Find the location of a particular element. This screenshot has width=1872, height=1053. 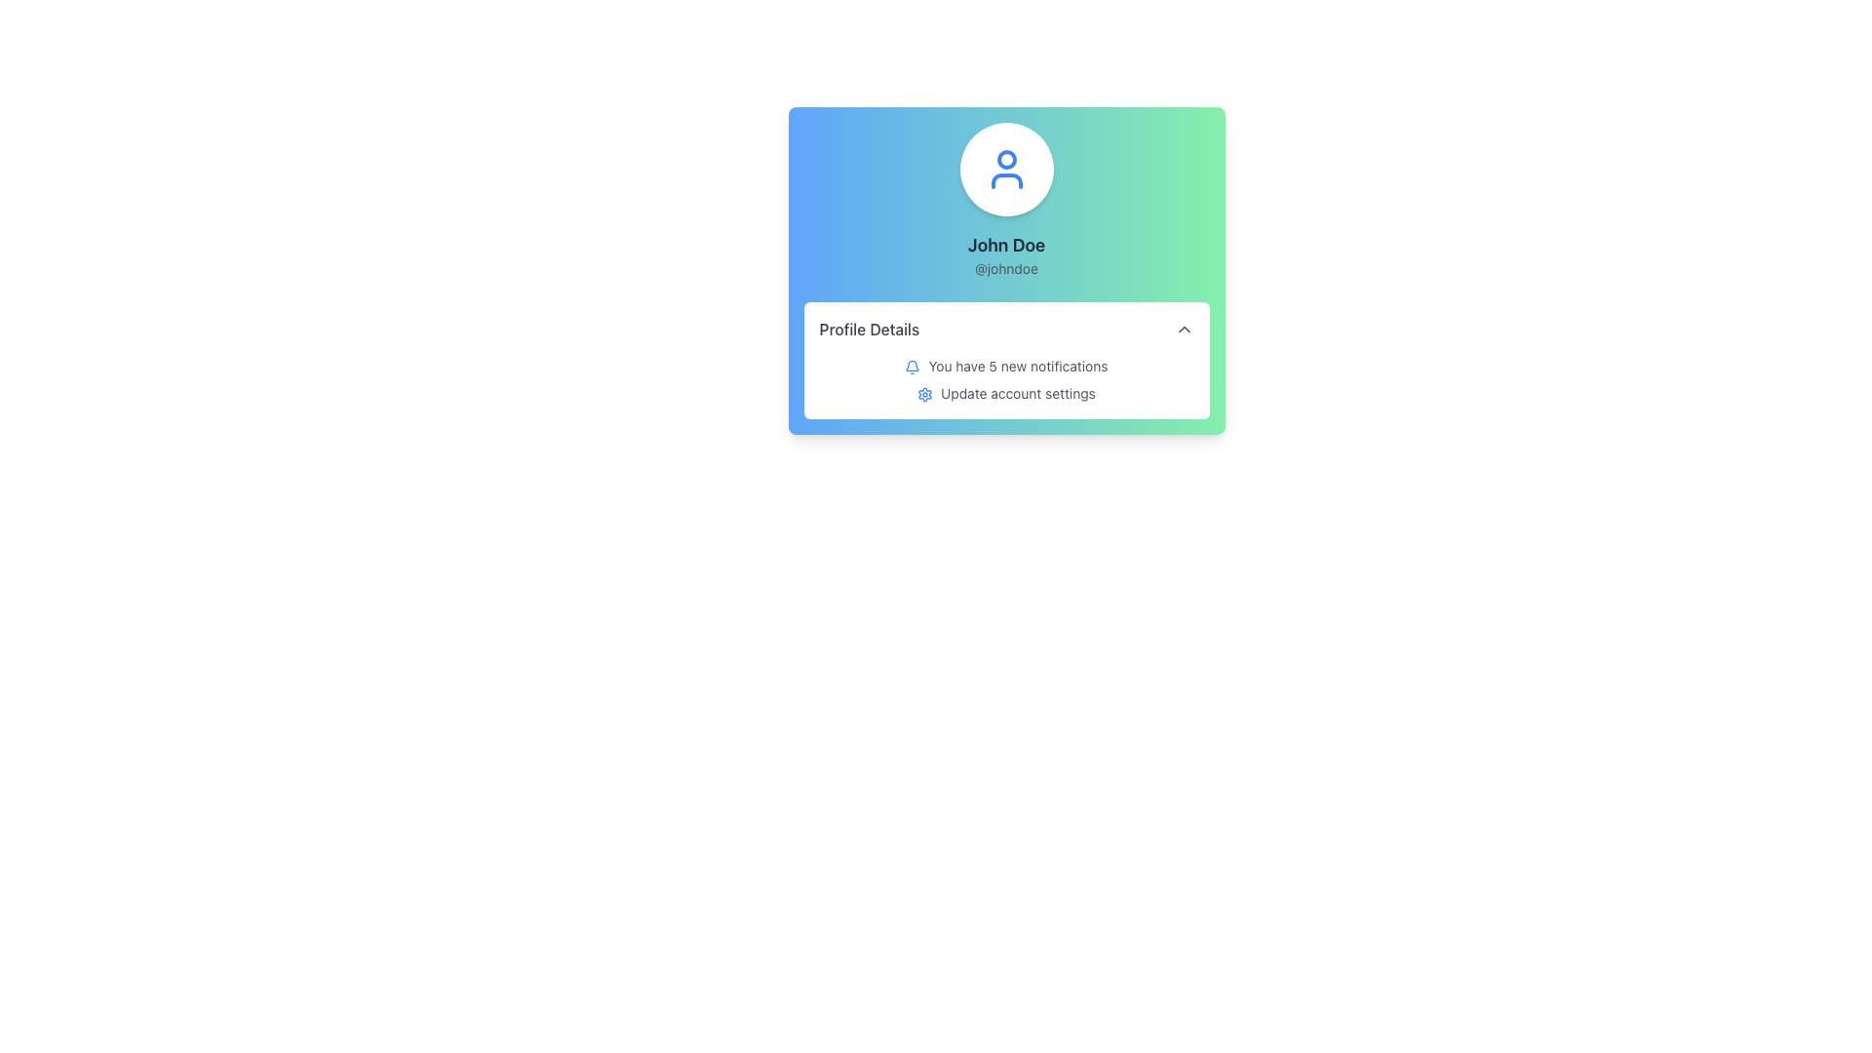

the user's profile picture icon located at the center of the user information card, directly above the text 'John Doe' and '@johndoe' is located at coordinates (1006, 168).